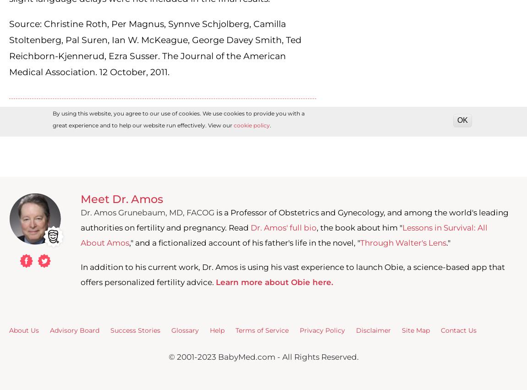 The image size is (527, 390). Describe the element at coordinates (128, 243) in the screenshot. I see `'," and a fictionalized account of his father's life in the novel, "'` at that location.